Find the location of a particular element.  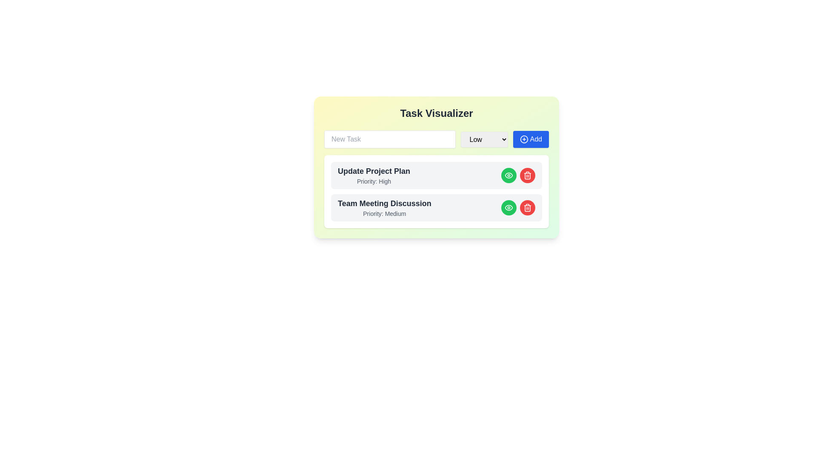

the eye button in the 'Team Meeting Discussion' task entry is located at coordinates (518, 208).